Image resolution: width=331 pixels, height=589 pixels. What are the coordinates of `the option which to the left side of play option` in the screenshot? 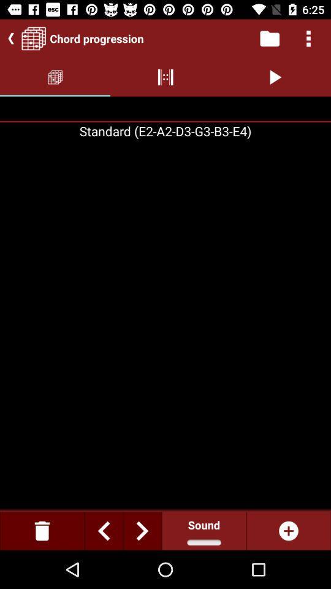 It's located at (165, 76).